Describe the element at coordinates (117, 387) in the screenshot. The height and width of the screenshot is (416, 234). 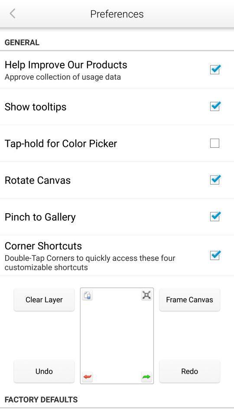
I see `the minus icon` at that location.